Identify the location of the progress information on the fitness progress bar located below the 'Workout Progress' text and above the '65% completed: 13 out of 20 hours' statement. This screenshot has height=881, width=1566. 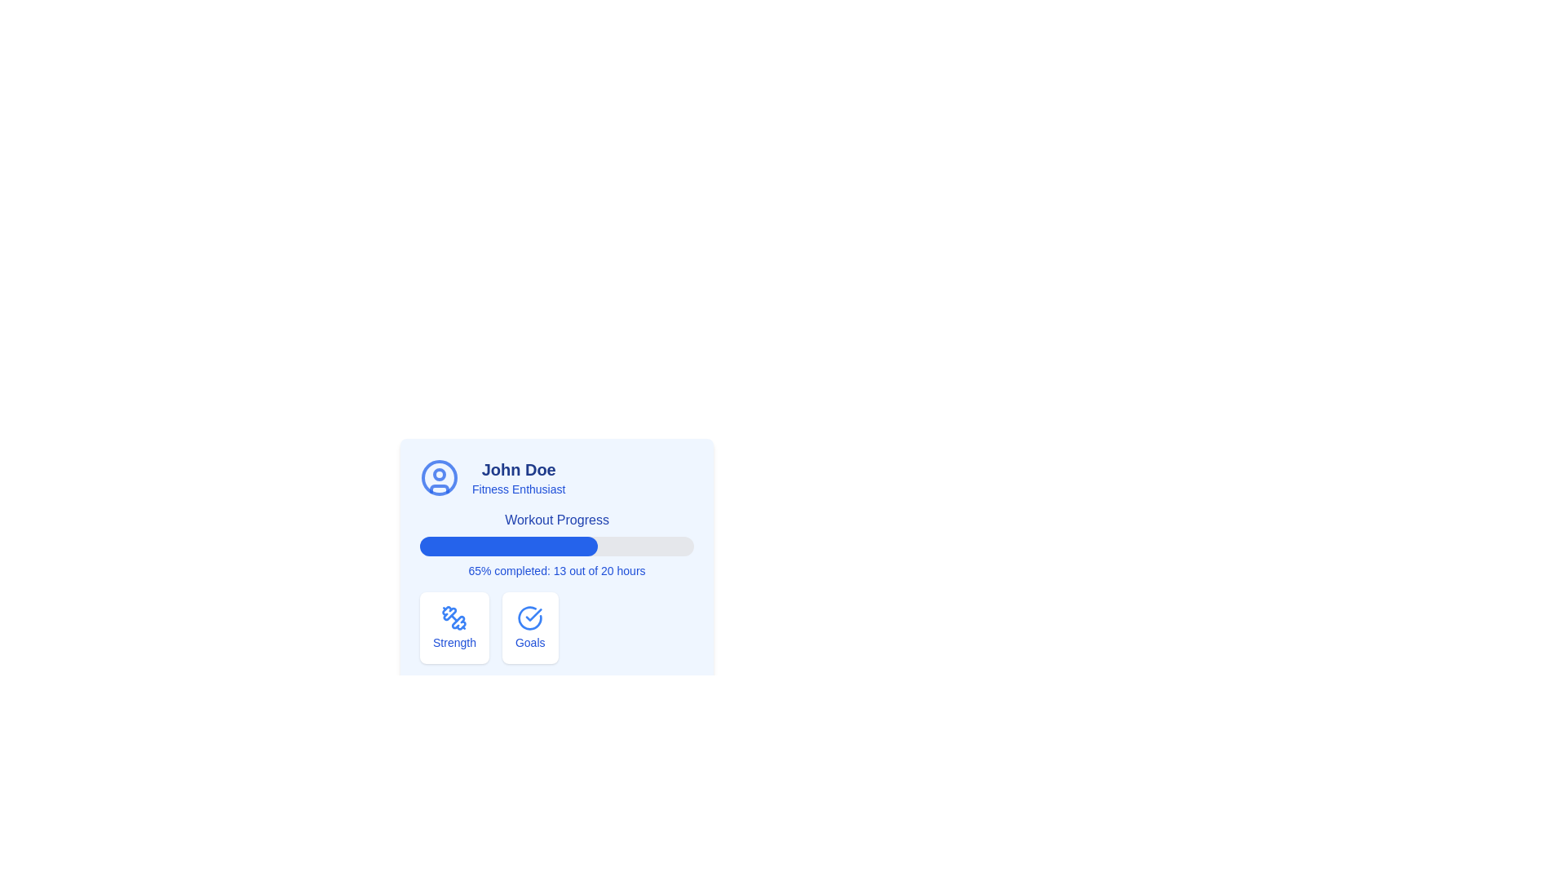
(556, 547).